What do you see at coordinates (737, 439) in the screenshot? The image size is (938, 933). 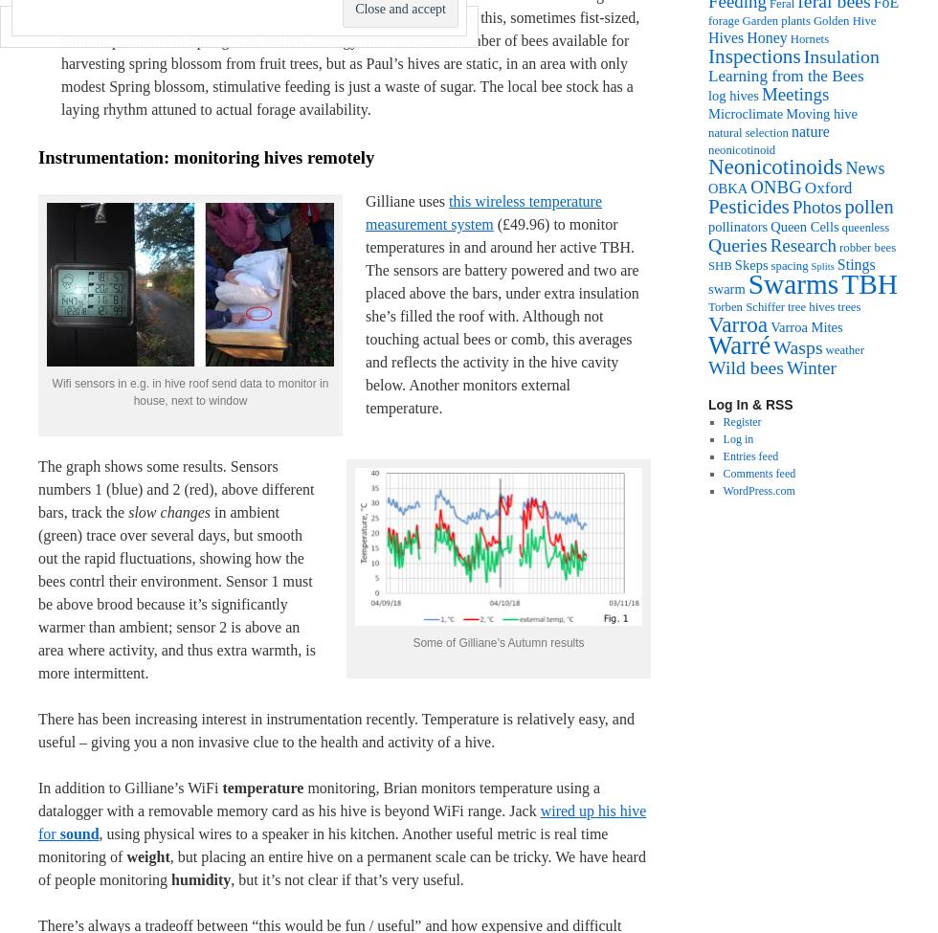 I see `'Log in'` at bounding box center [737, 439].